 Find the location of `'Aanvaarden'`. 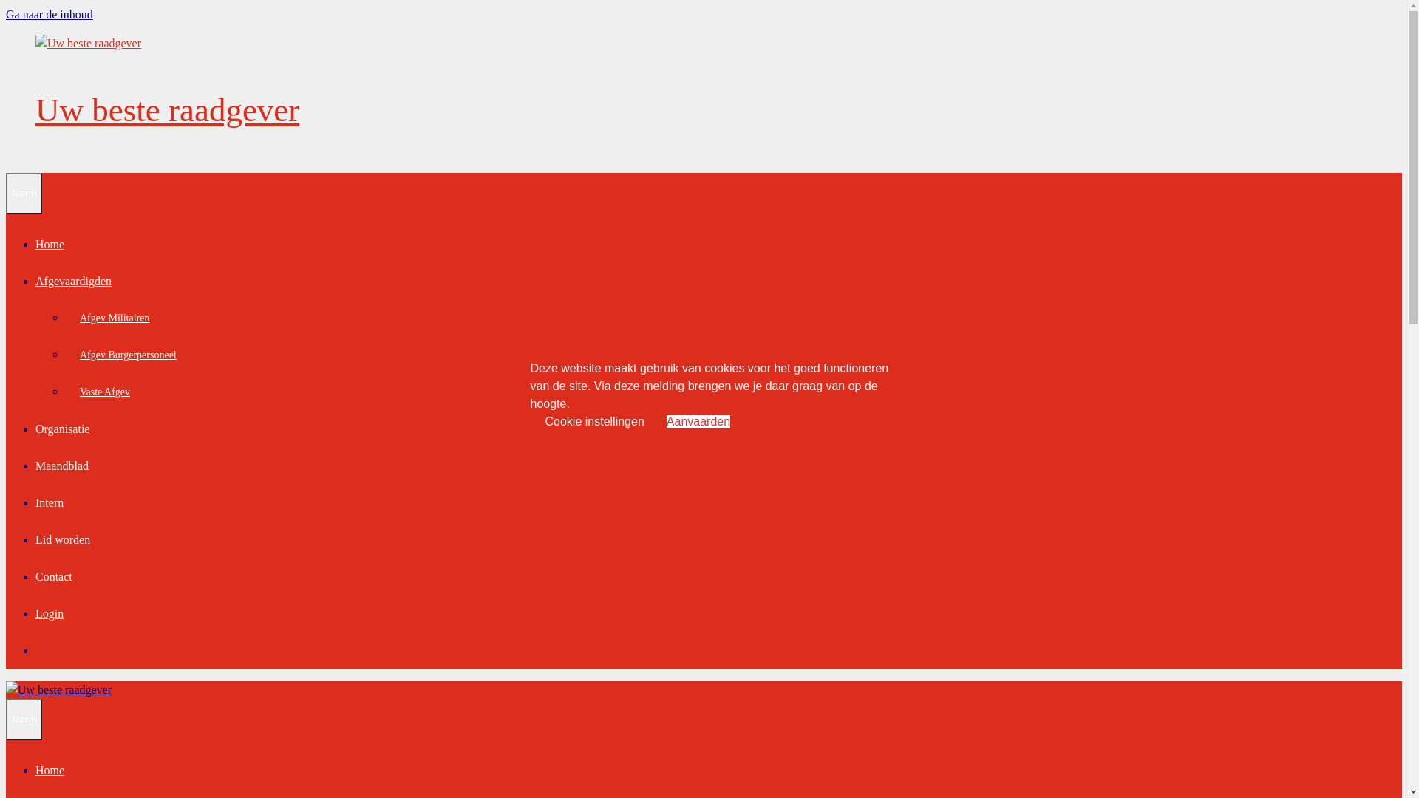

'Aanvaarden' is located at coordinates (698, 421).